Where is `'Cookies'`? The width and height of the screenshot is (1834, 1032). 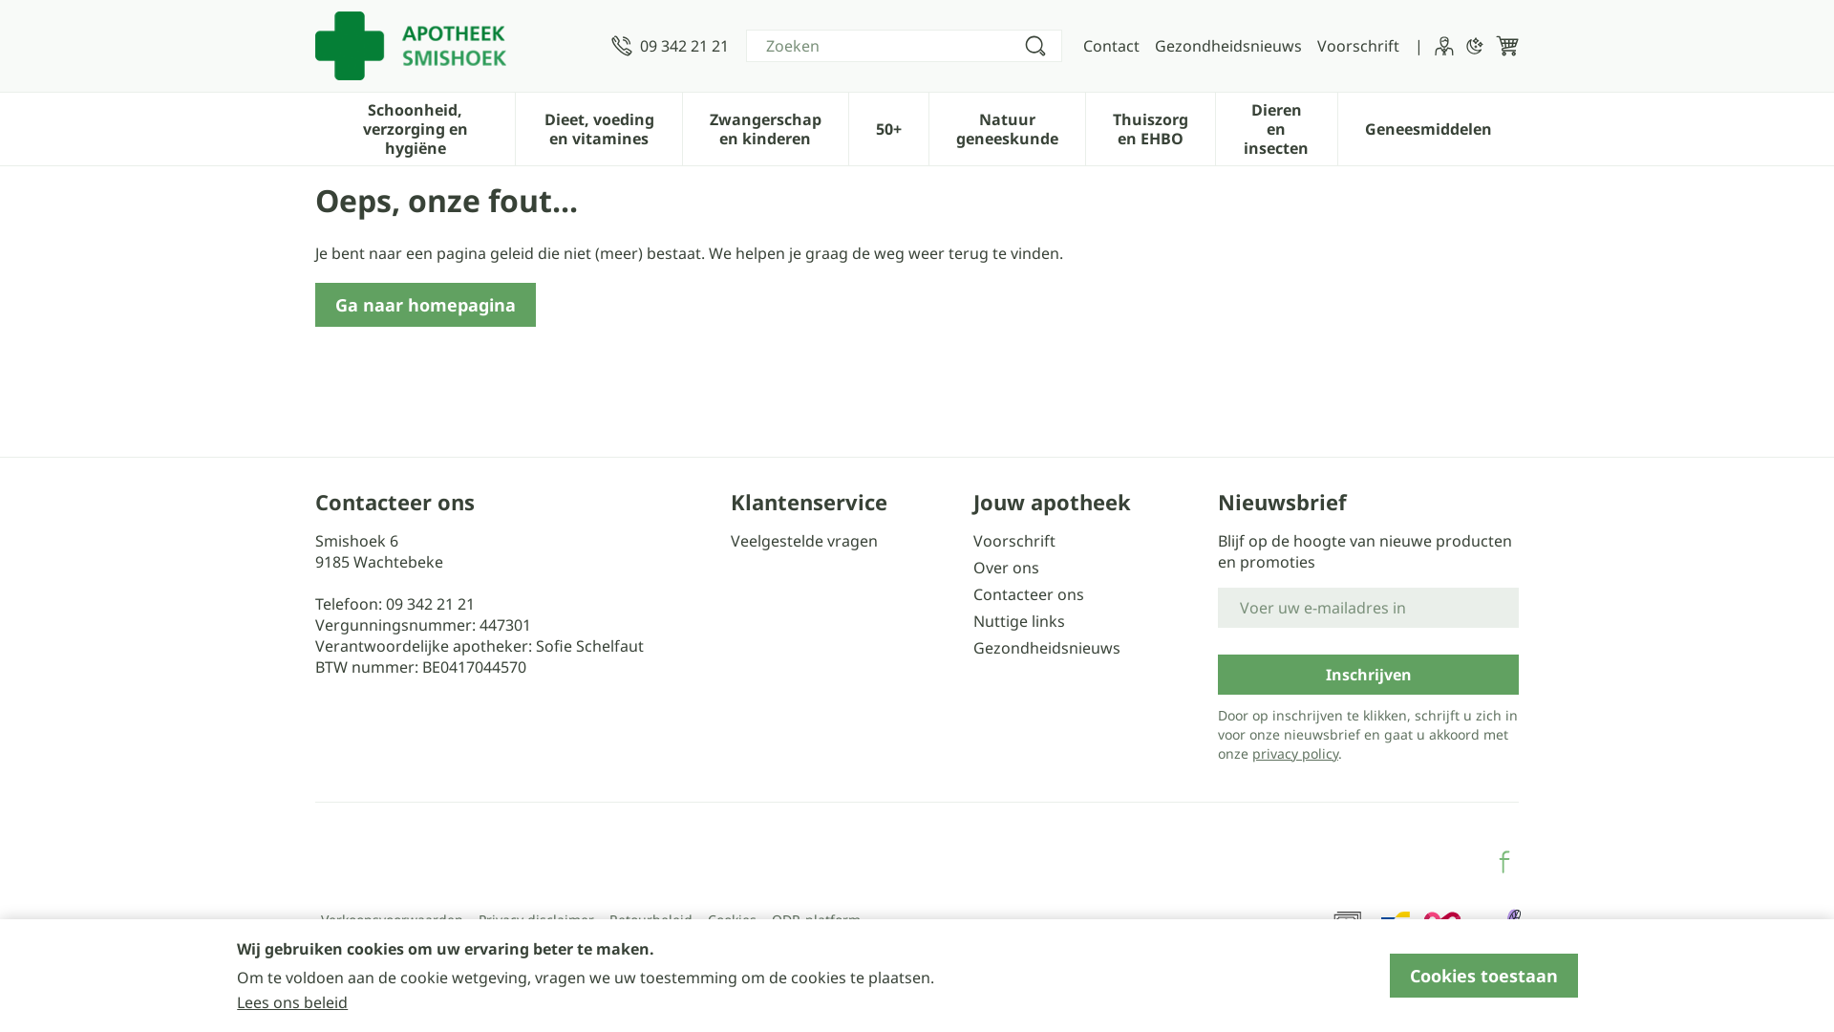
'Cookies' is located at coordinates (731, 919).